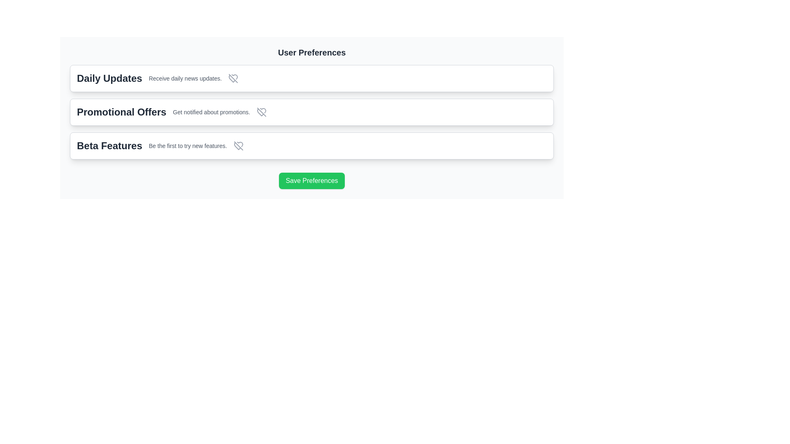 Image resolution: width=790 pixels, height=444 pixels. I want to click on the static text that provides additional information about the 'Daily Updates' feature, positioned below the header 'Daily Updates' and above a small icon, so click(185, 79).